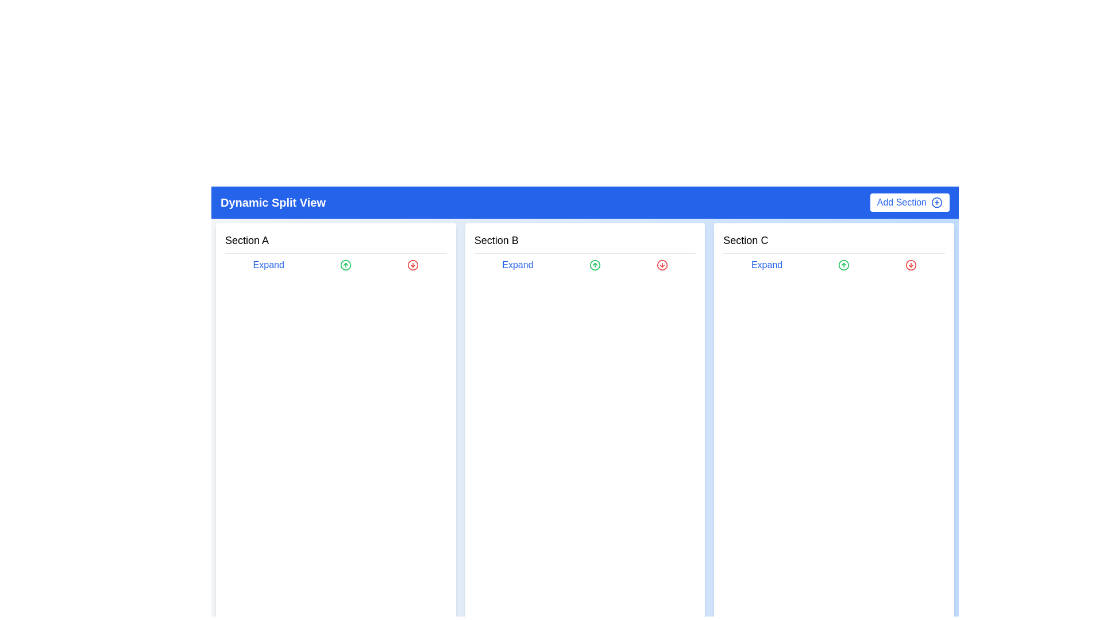 The image size is (1103, 620). I want to click on the prominent red circular graphical component located in the top-right corner of 'Section B', which is part of a red downward arrow icon, so click(662, 265).